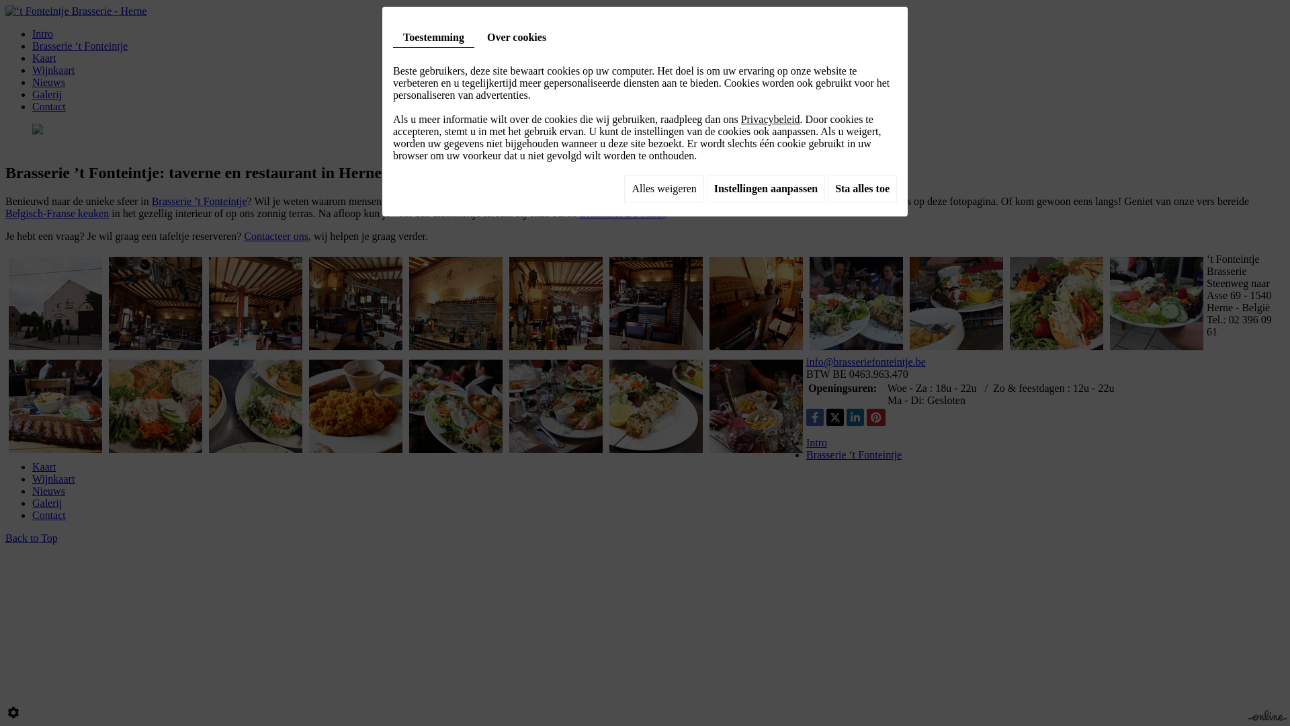 The image size is (1290, 726). I want to click on 'info@brasseriefonteintje.be', so click(806, 361).